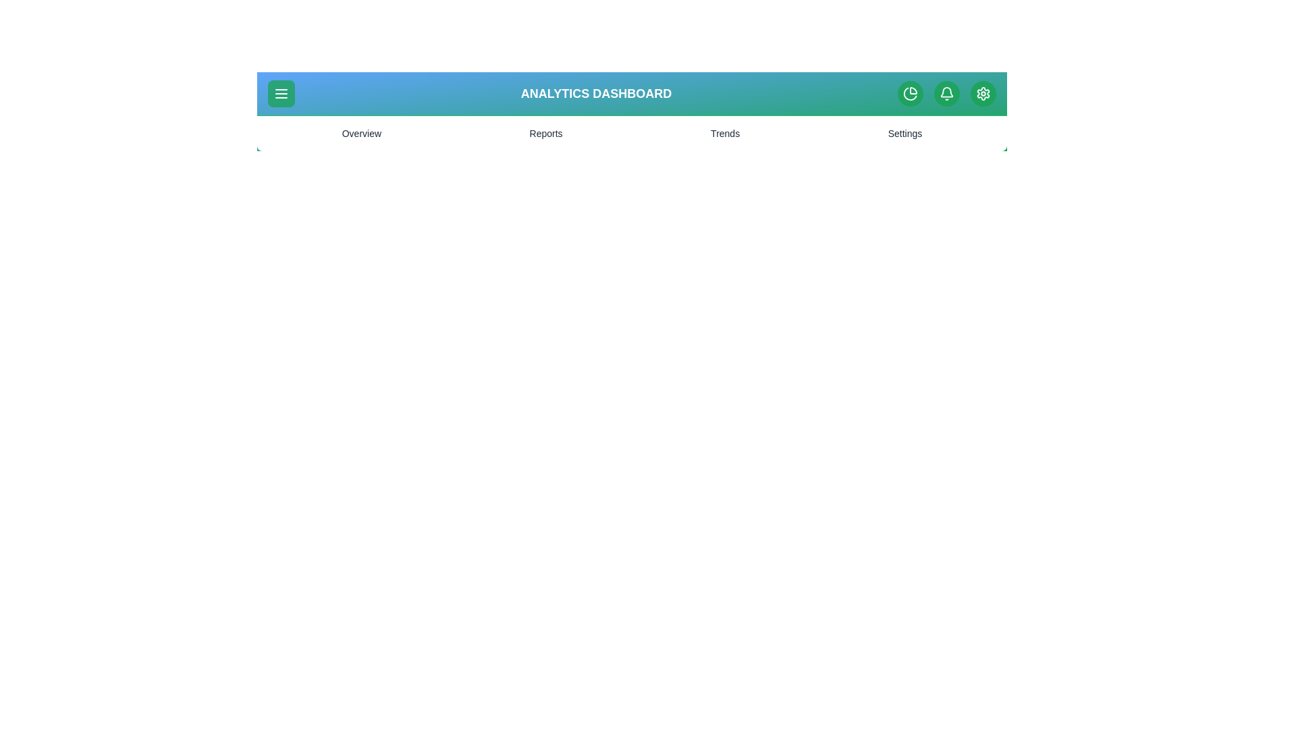  What do you see at coordinates (983, 92) in the screenshot?
I see `the Settings icon in the app bar` at bounding box center [983, 92].